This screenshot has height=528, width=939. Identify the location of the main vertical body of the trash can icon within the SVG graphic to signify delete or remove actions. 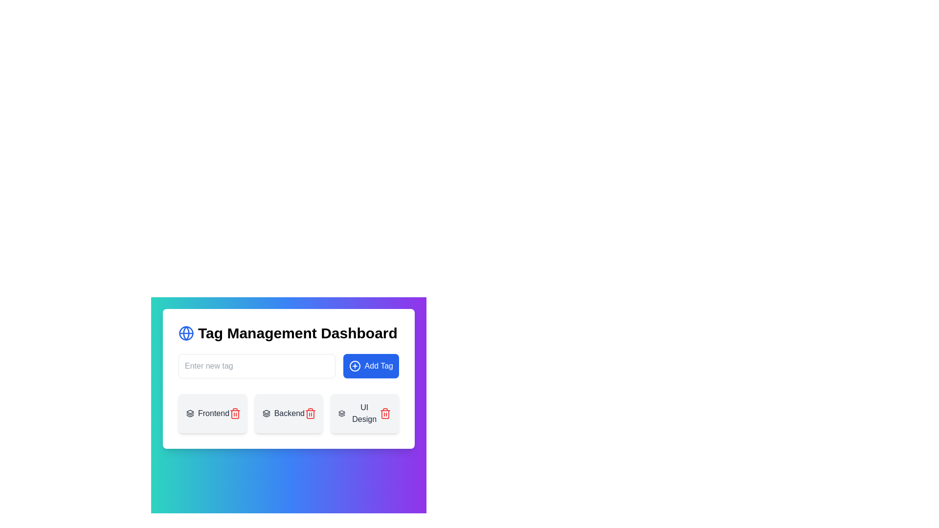
(310, 415).